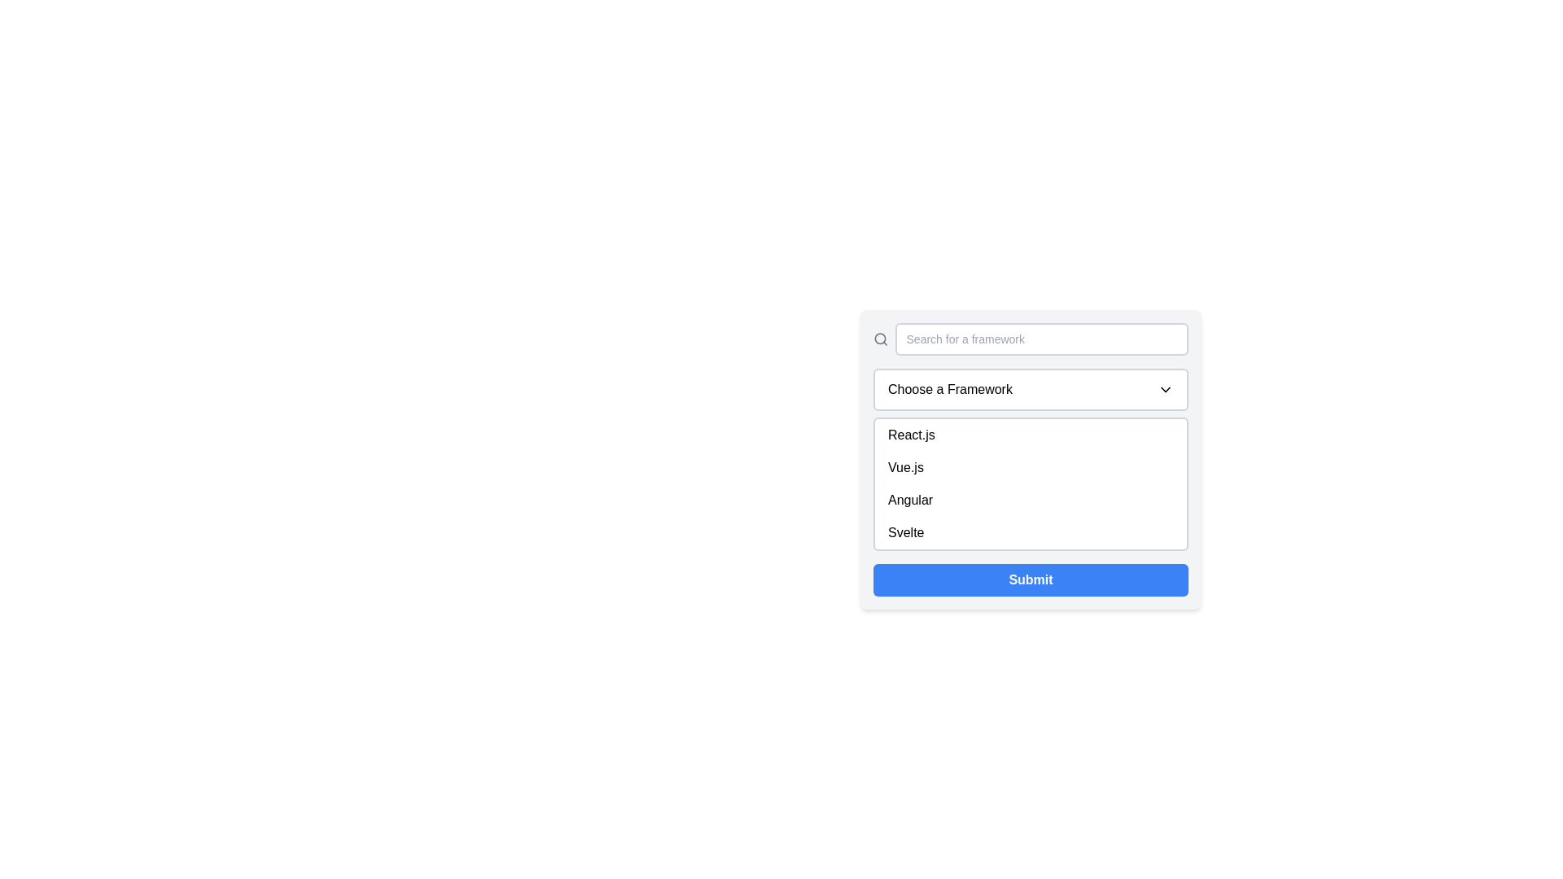 This screenshot has height=879, width=1563. I want to click on the third item in the dropdown menu under 'Choose a Framework', so click(909, 499).